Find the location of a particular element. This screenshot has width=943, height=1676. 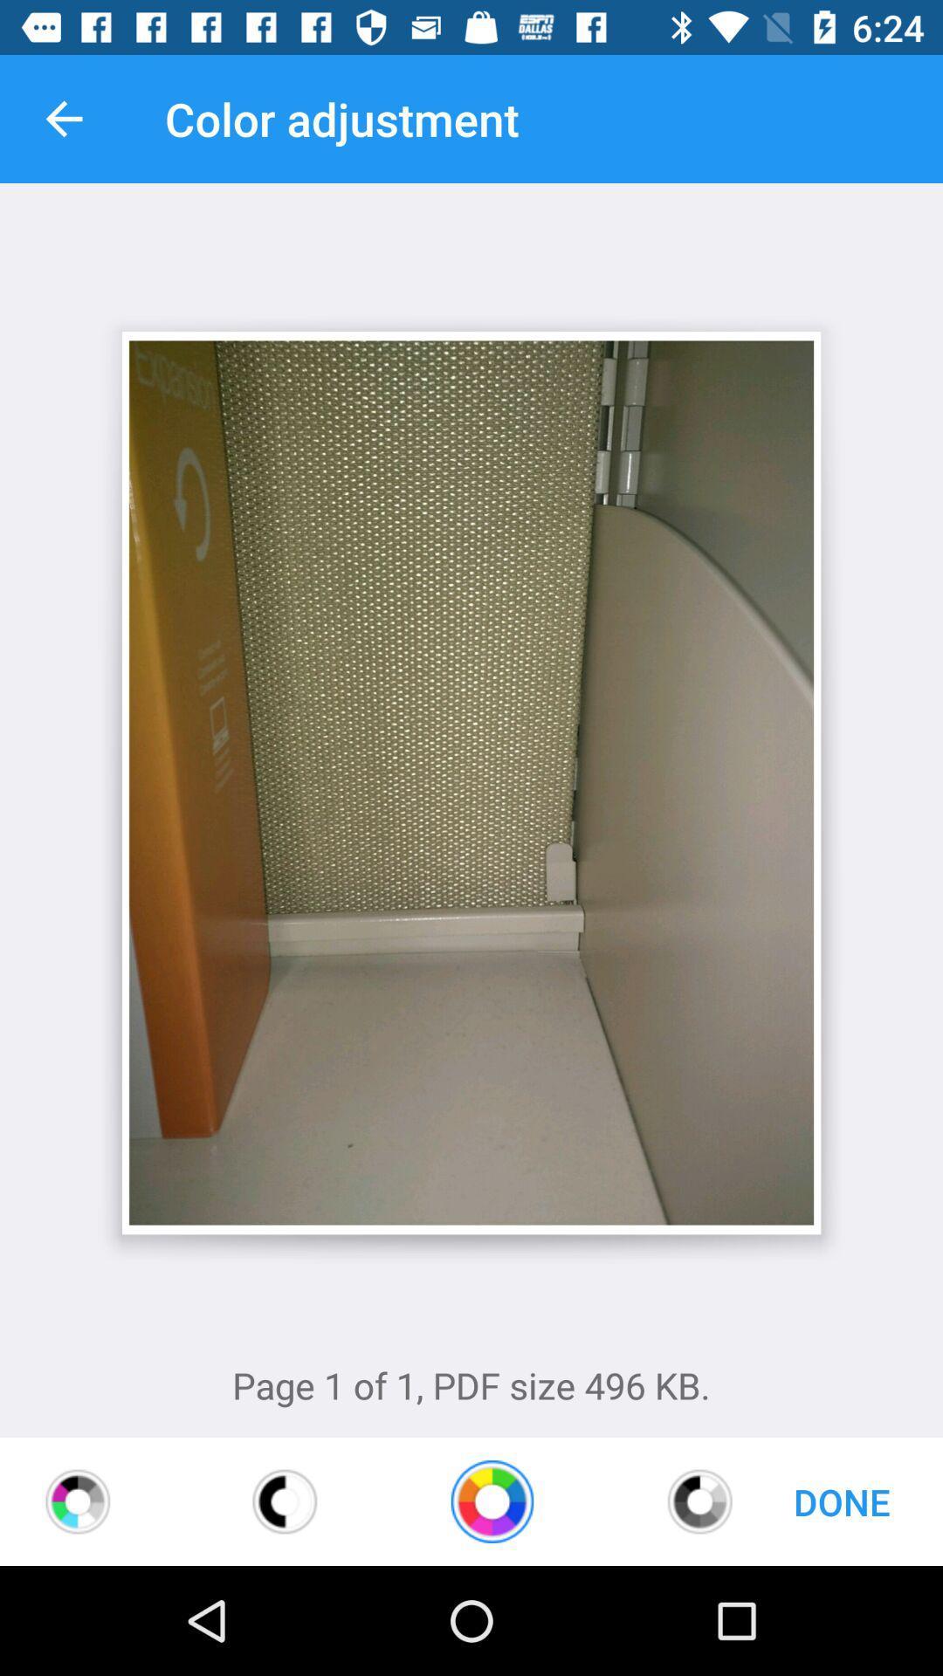

icon next to color adjustment item is located at coordinates (63, 118).